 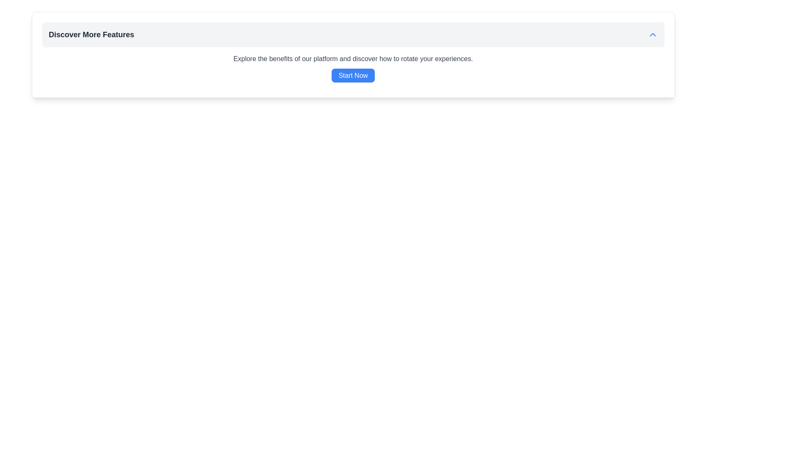 What do you see at coordinates (652, 34) in the screenshot?
I see `the button located in the top-right corner of the interface, associated with 'Discover More Features'` at bounding box center [652, 34].